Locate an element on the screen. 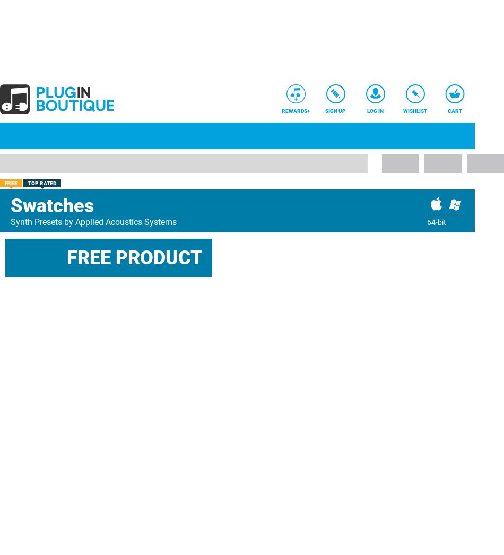 The height and width of the screenshot is (555, 504). 'Sign Up' is located at coordinates (325, 111).